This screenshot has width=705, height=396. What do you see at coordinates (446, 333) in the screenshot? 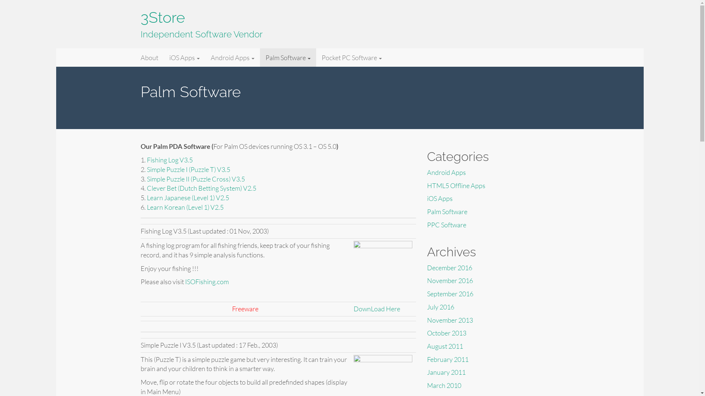
I see `'October 2013'` at bounding box center [446, 333].